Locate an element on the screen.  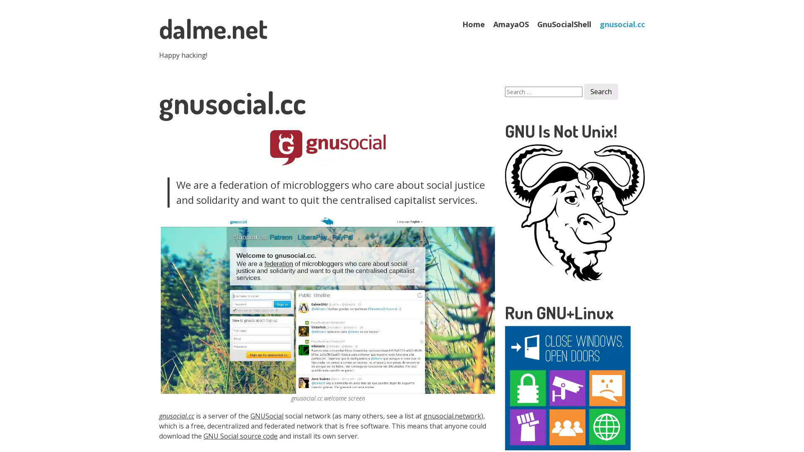
Search is located at coordinates (600, 92).